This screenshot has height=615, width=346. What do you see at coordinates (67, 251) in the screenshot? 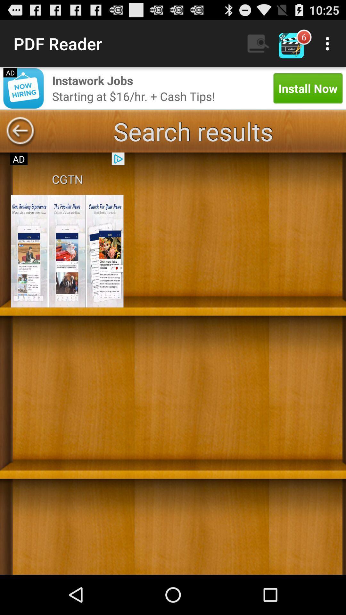
I see `open advertisement` at bounding box center [67, 251].